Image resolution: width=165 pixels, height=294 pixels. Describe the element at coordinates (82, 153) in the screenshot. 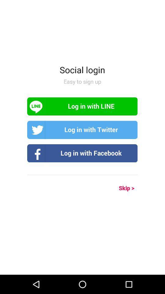

I see `choose this` at that location.